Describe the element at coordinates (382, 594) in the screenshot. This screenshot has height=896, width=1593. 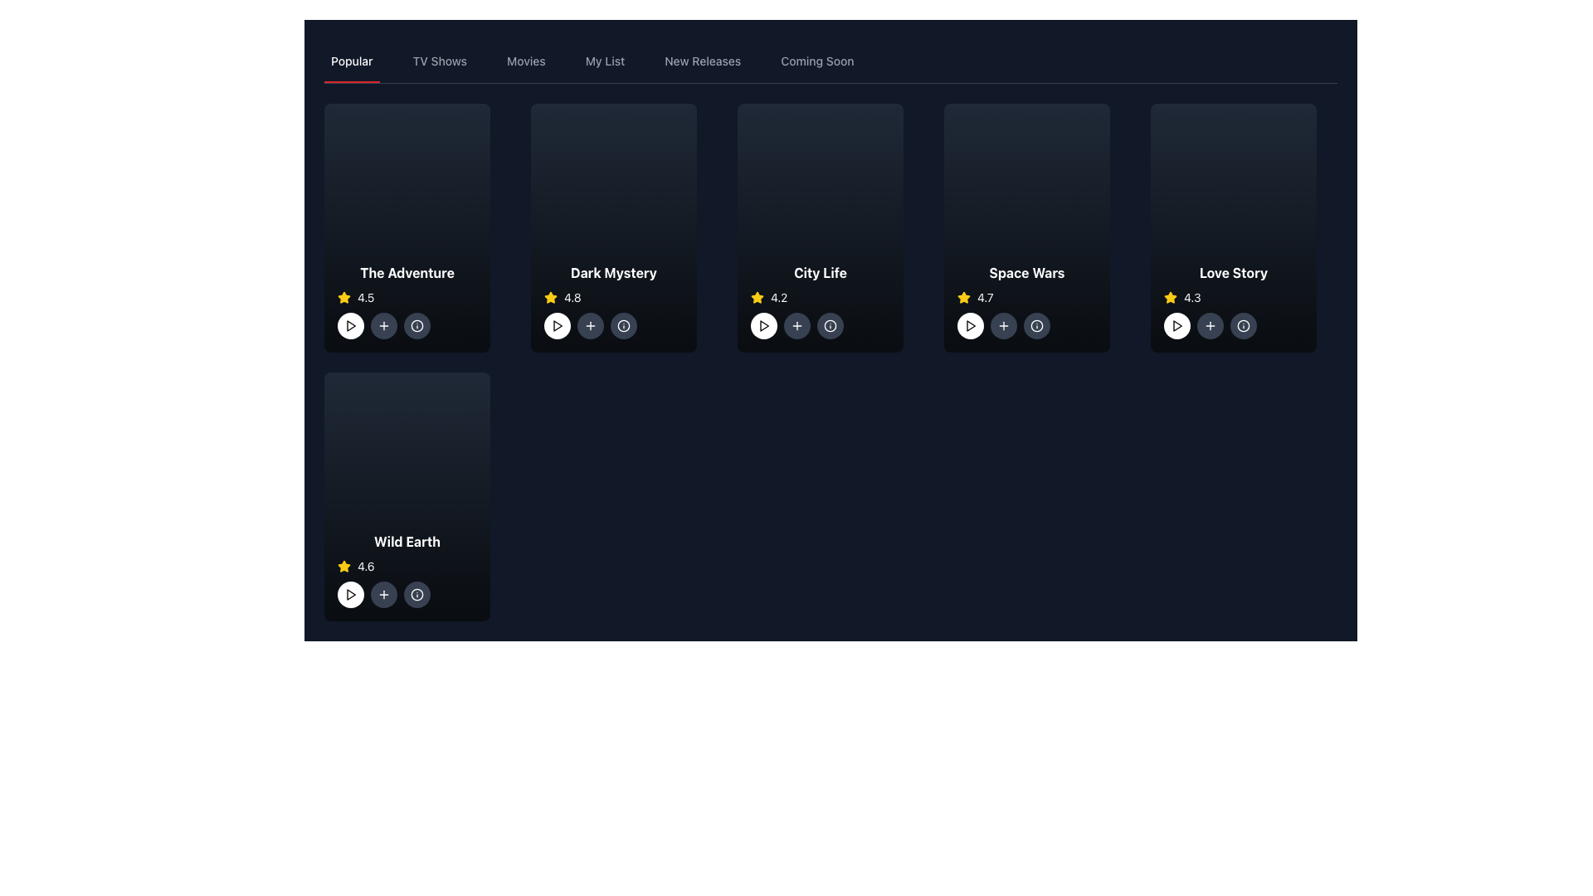
I see `the circular button with a dark gray background and a white plus icon at its center, located beneath the 'Wild Earth' card` at that location.